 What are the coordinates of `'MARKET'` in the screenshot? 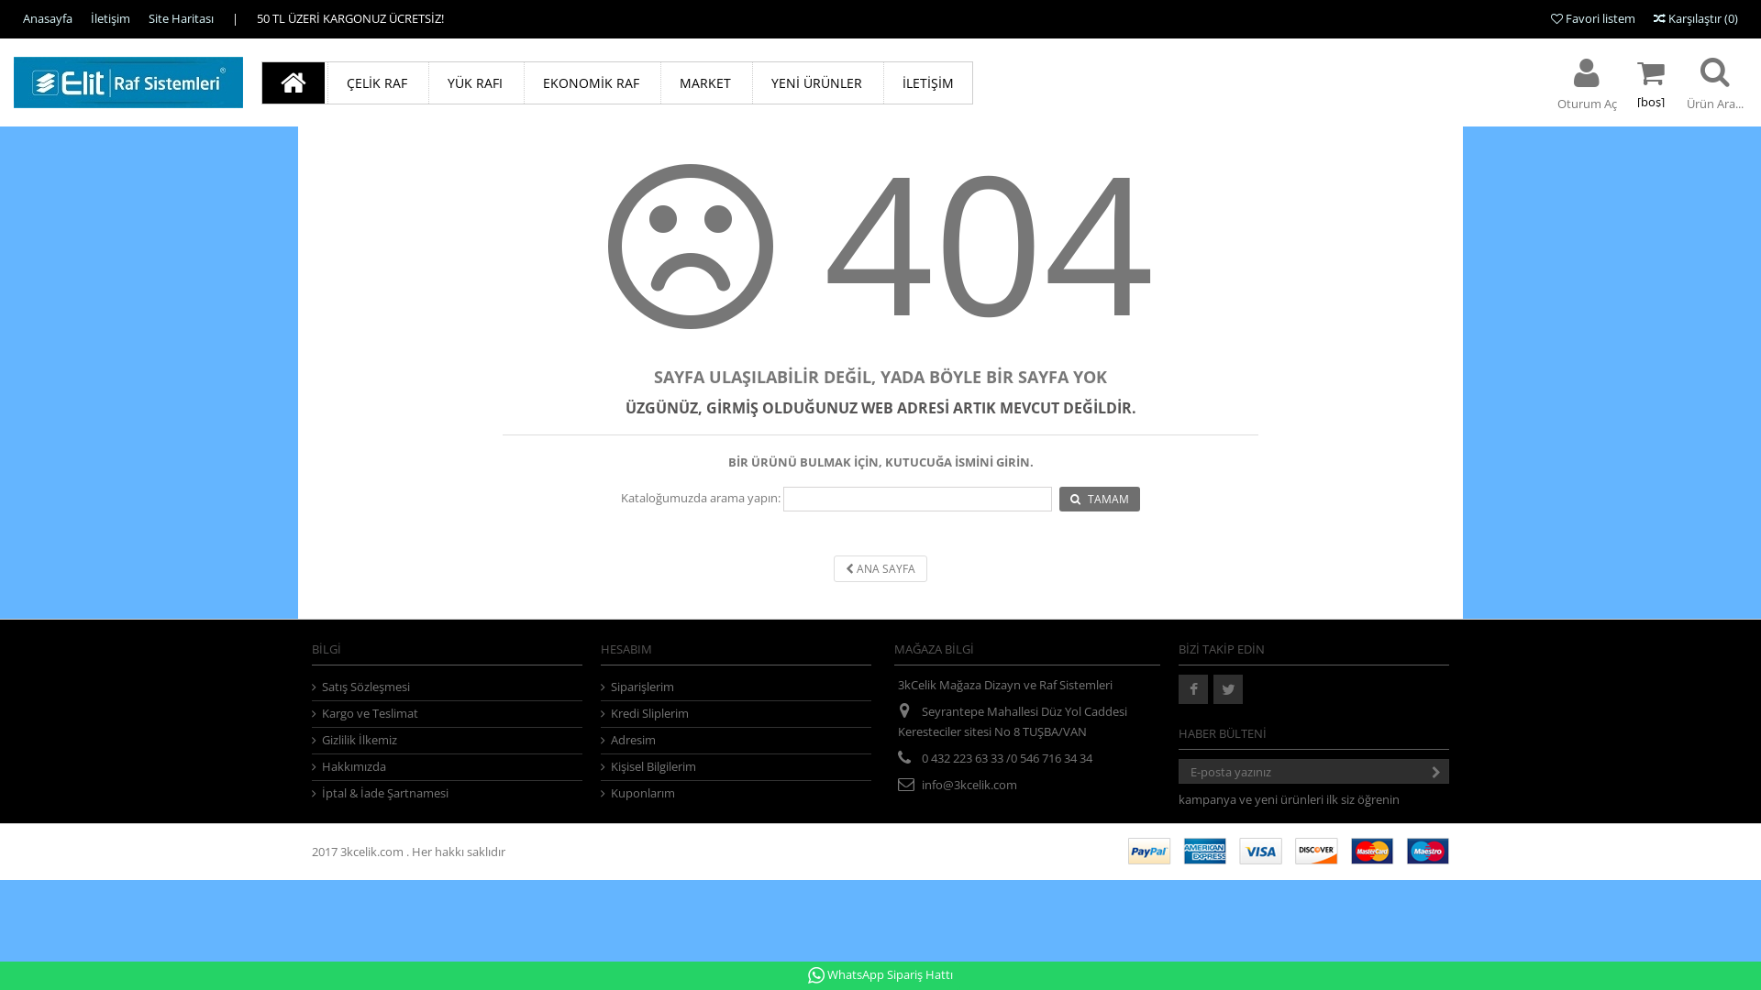 It's located at (703, 82).